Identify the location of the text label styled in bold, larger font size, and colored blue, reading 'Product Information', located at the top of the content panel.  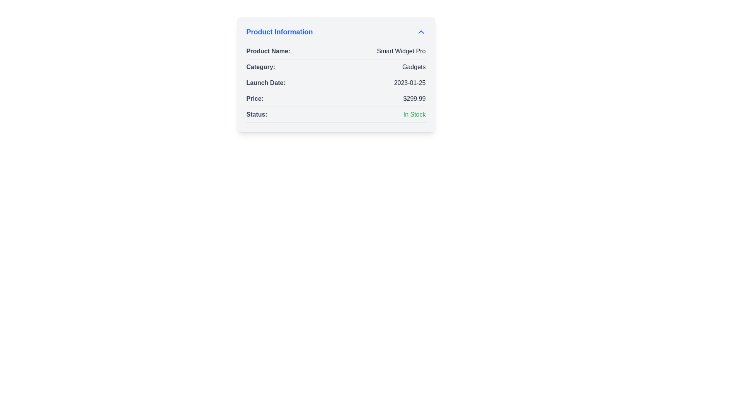
(279, 32).